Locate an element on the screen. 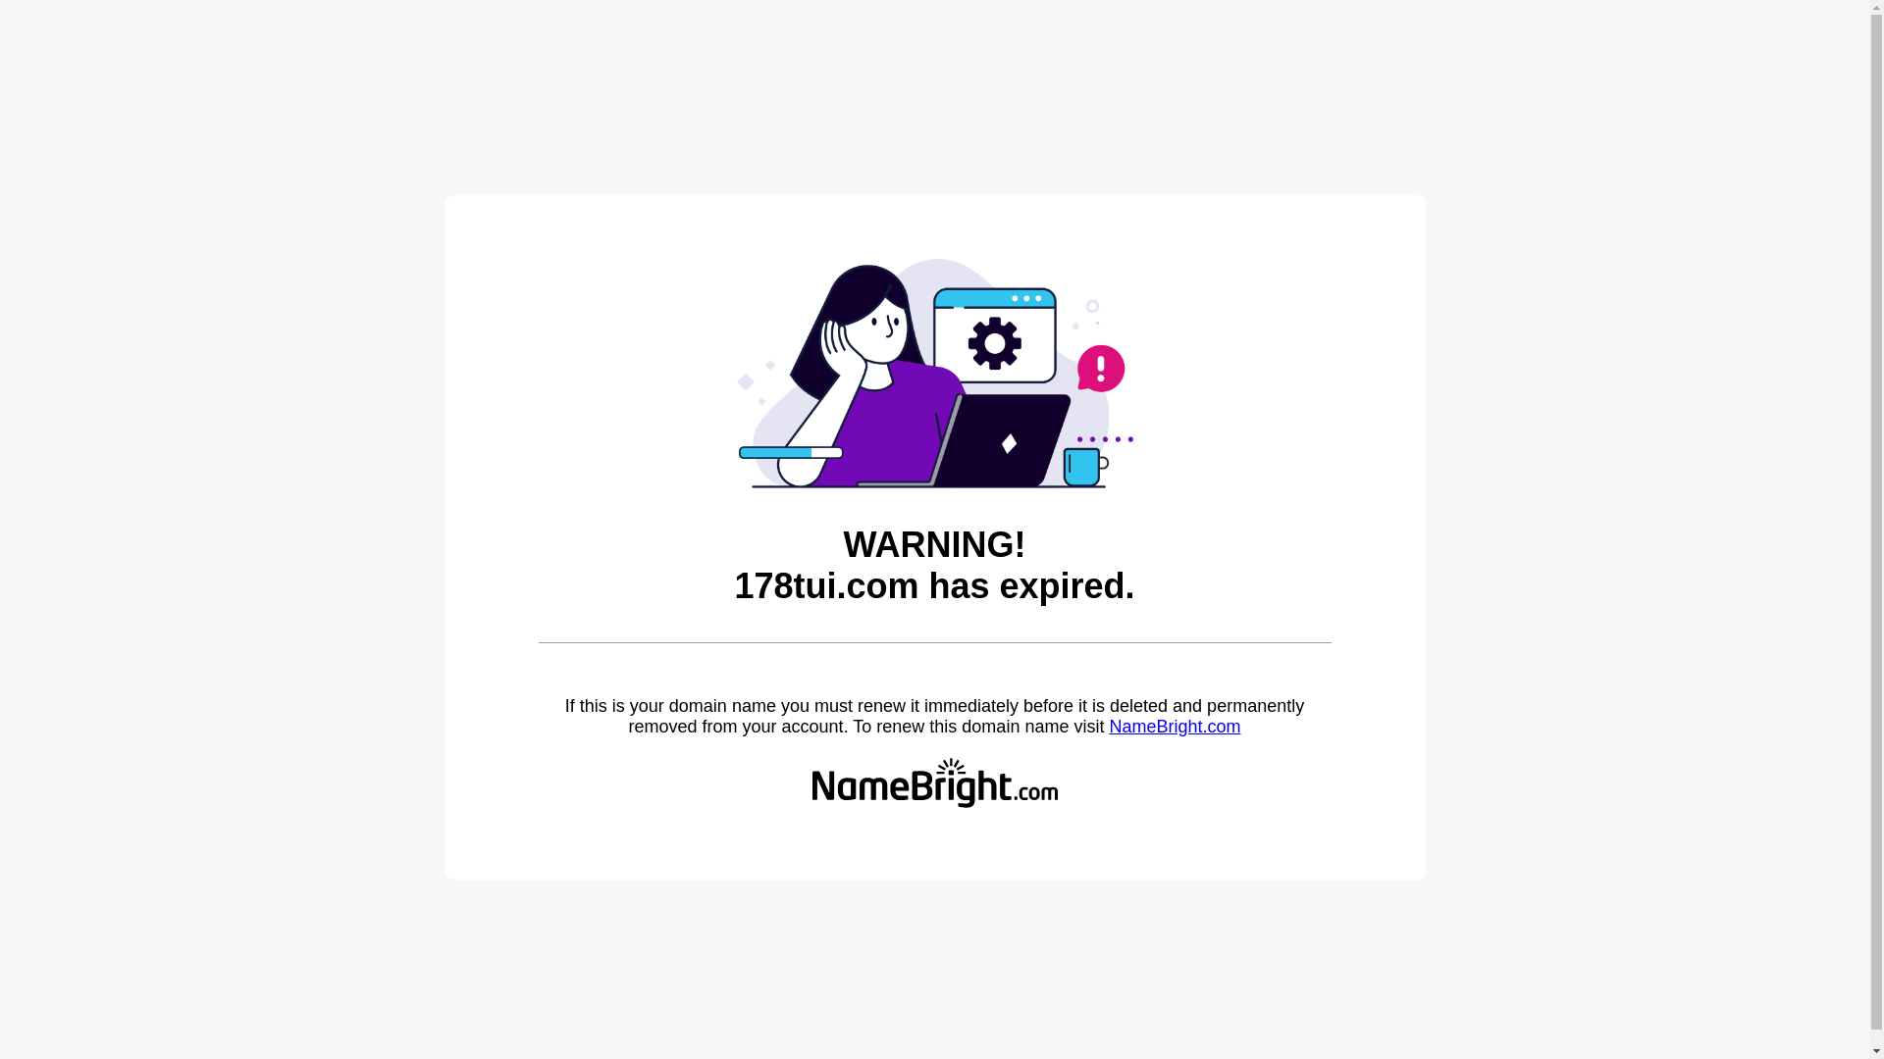 The width and height of the screenshot is (1884, 1059). 'NameBright.com' is located at coordinates (1174, 726).